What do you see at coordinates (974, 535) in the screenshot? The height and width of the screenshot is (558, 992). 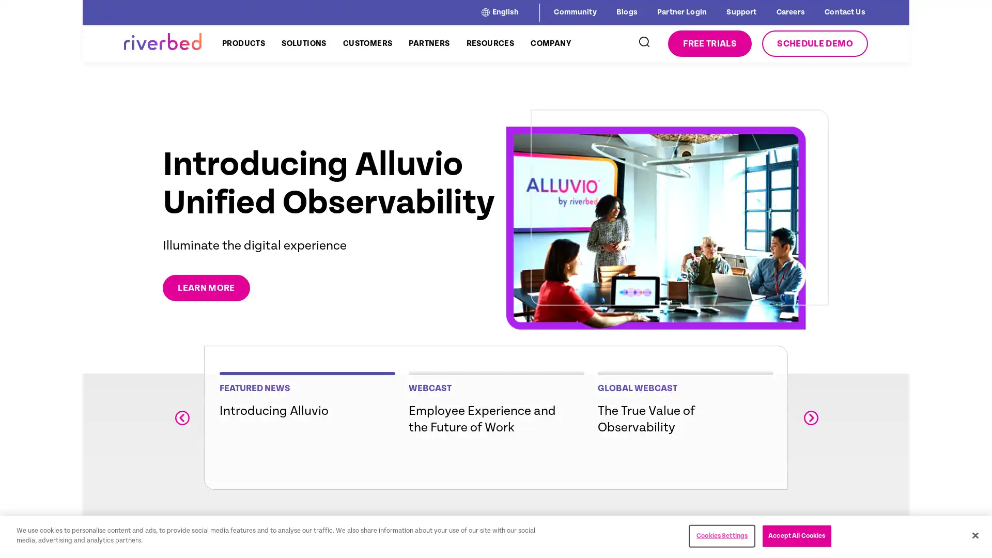 I see `Close` at bounding box center [974, 535].